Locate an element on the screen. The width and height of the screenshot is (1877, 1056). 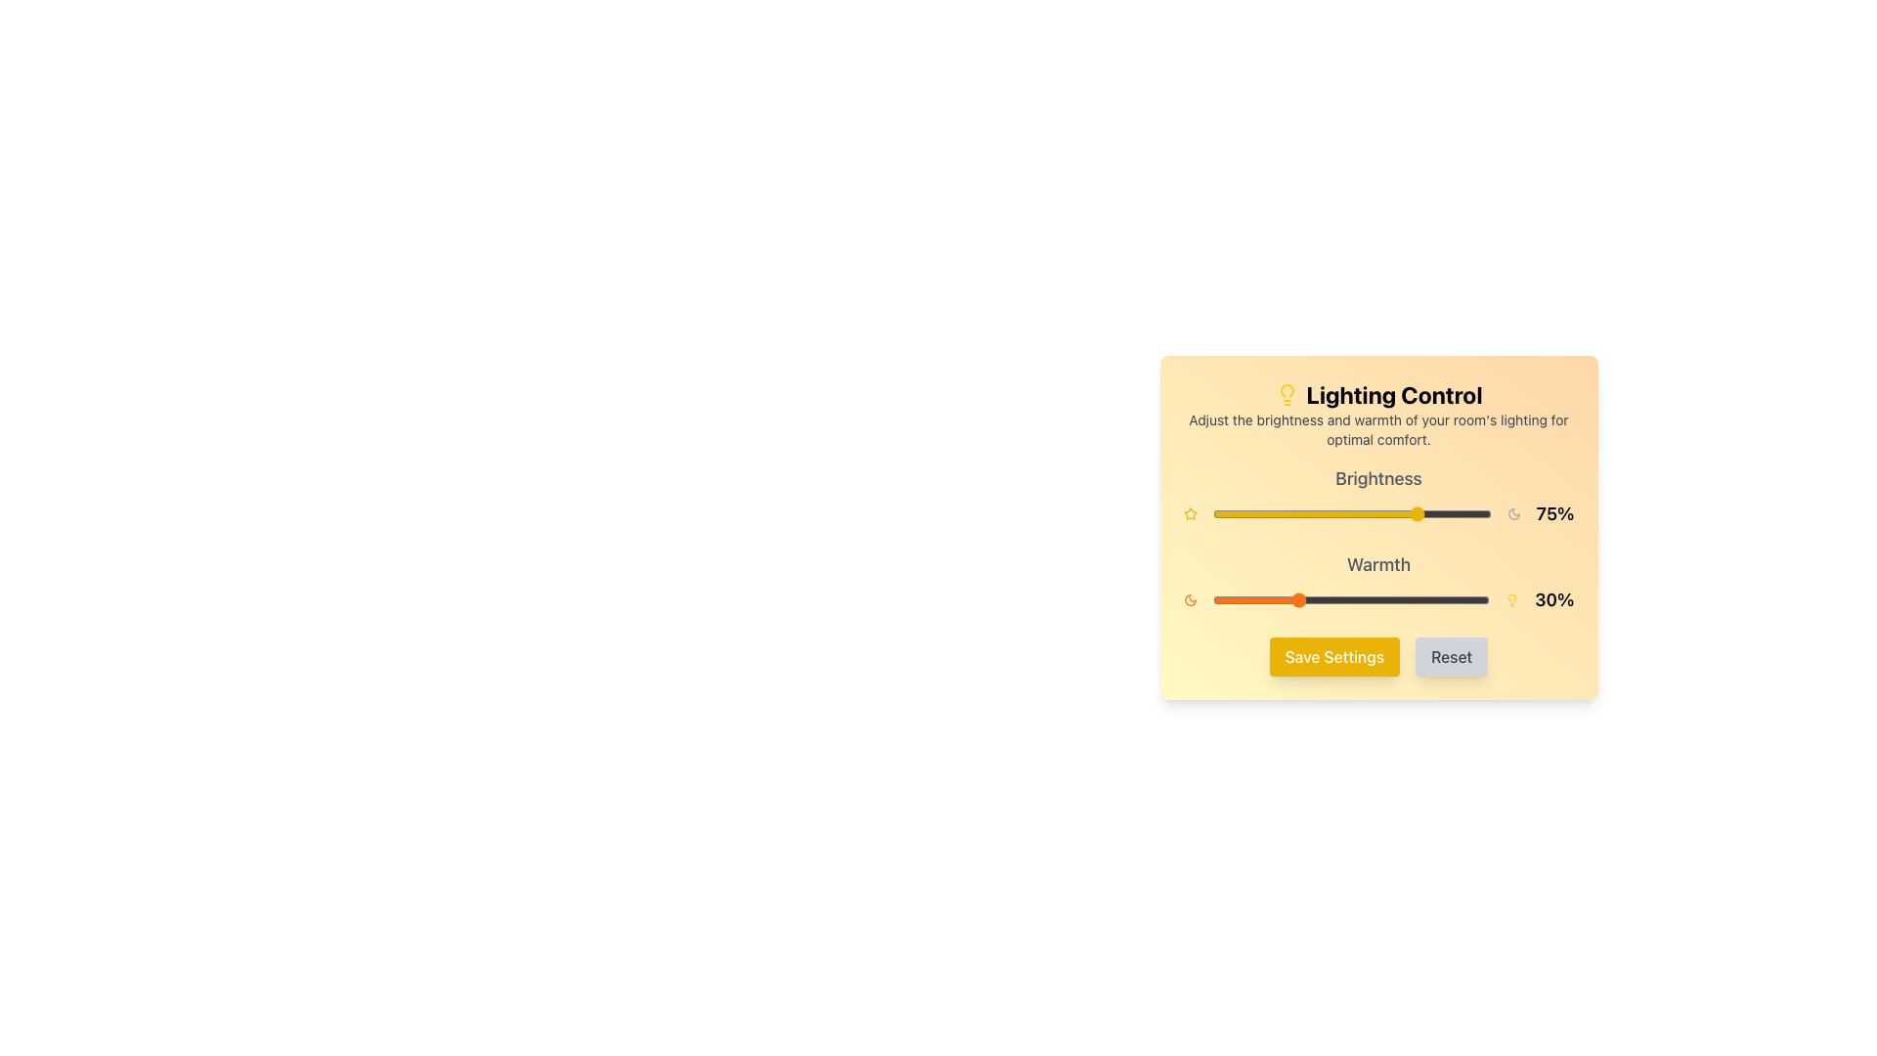
the brightness is located at coordinates (1365, 512).